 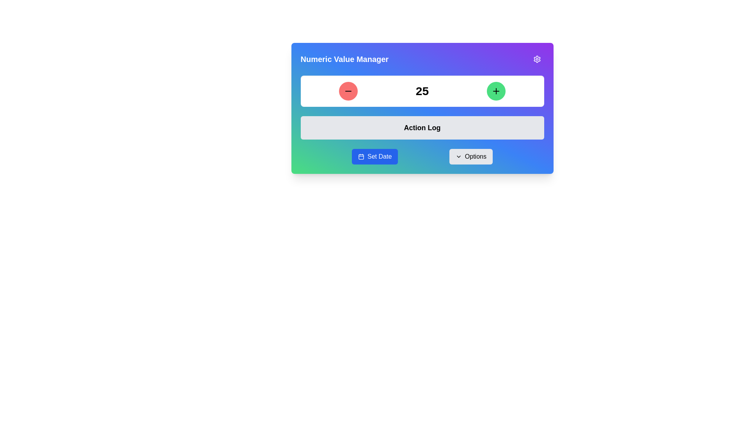 I want to click on the cogwheel icon representing settings in the top-right corner of the card-like interface, so click(x=536, y=58).